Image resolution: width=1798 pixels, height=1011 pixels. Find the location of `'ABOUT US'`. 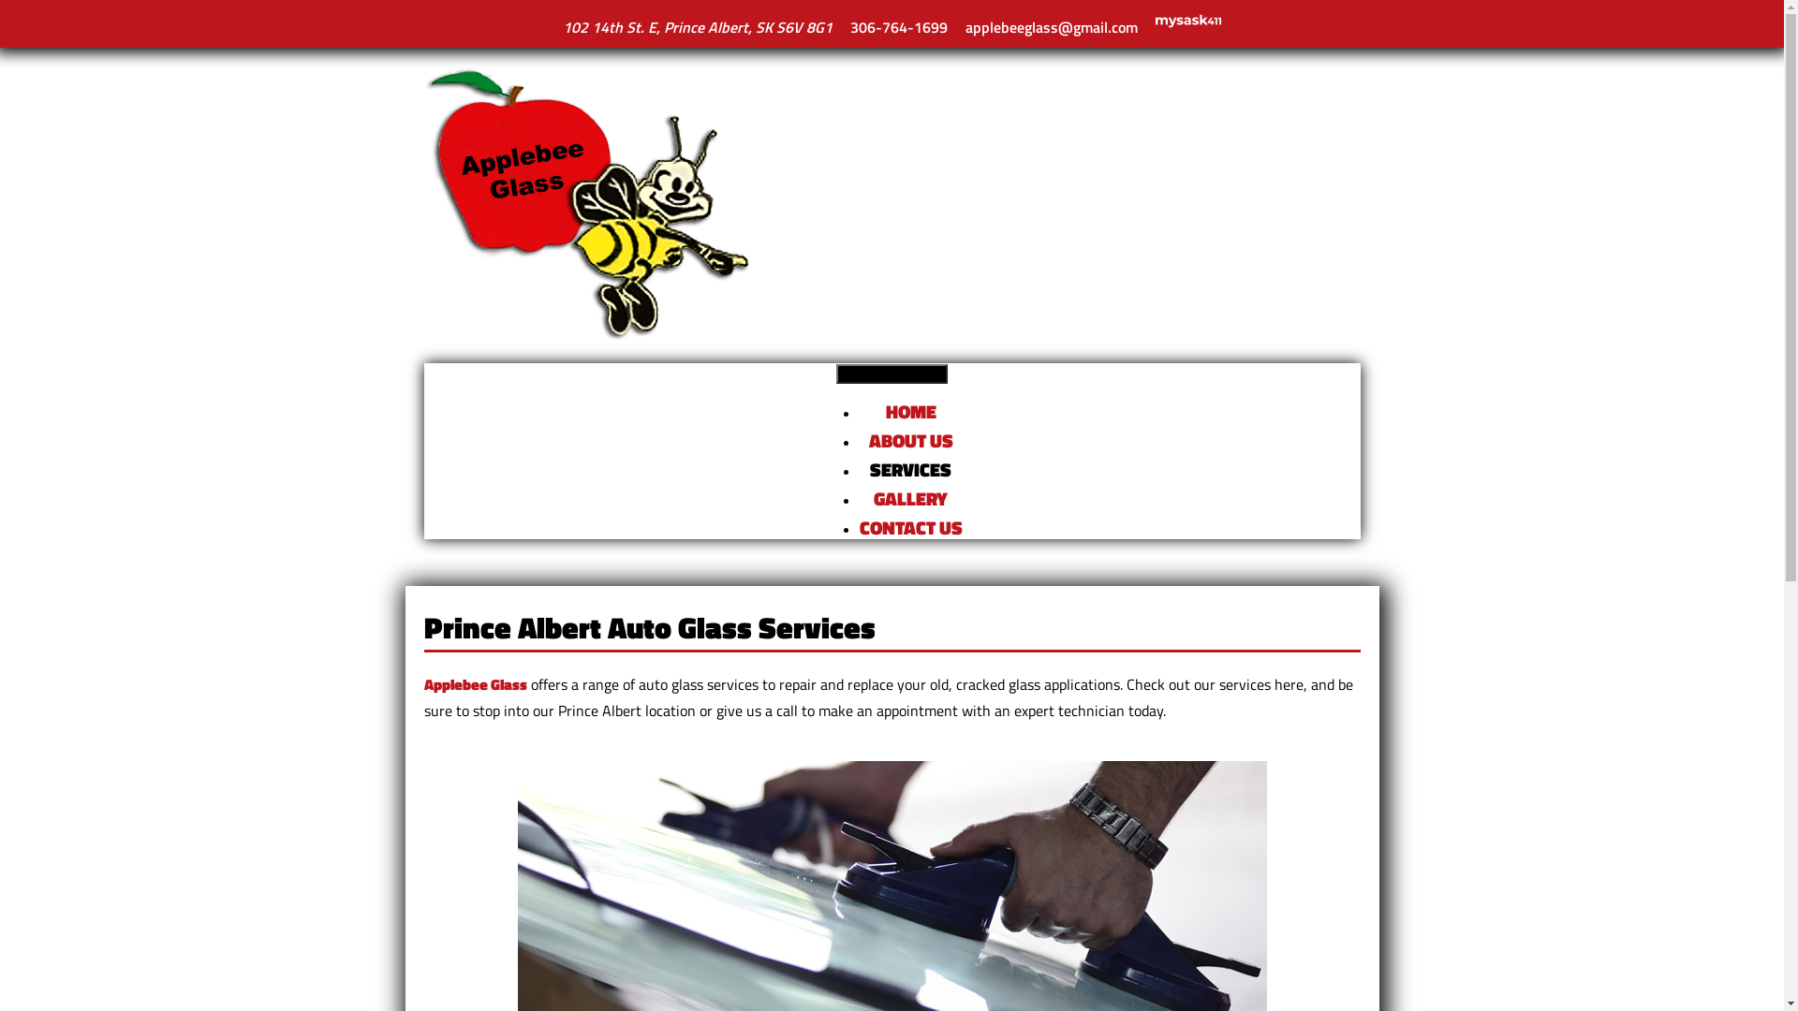

'ABOUT US' is located at coordinates (867, 440).